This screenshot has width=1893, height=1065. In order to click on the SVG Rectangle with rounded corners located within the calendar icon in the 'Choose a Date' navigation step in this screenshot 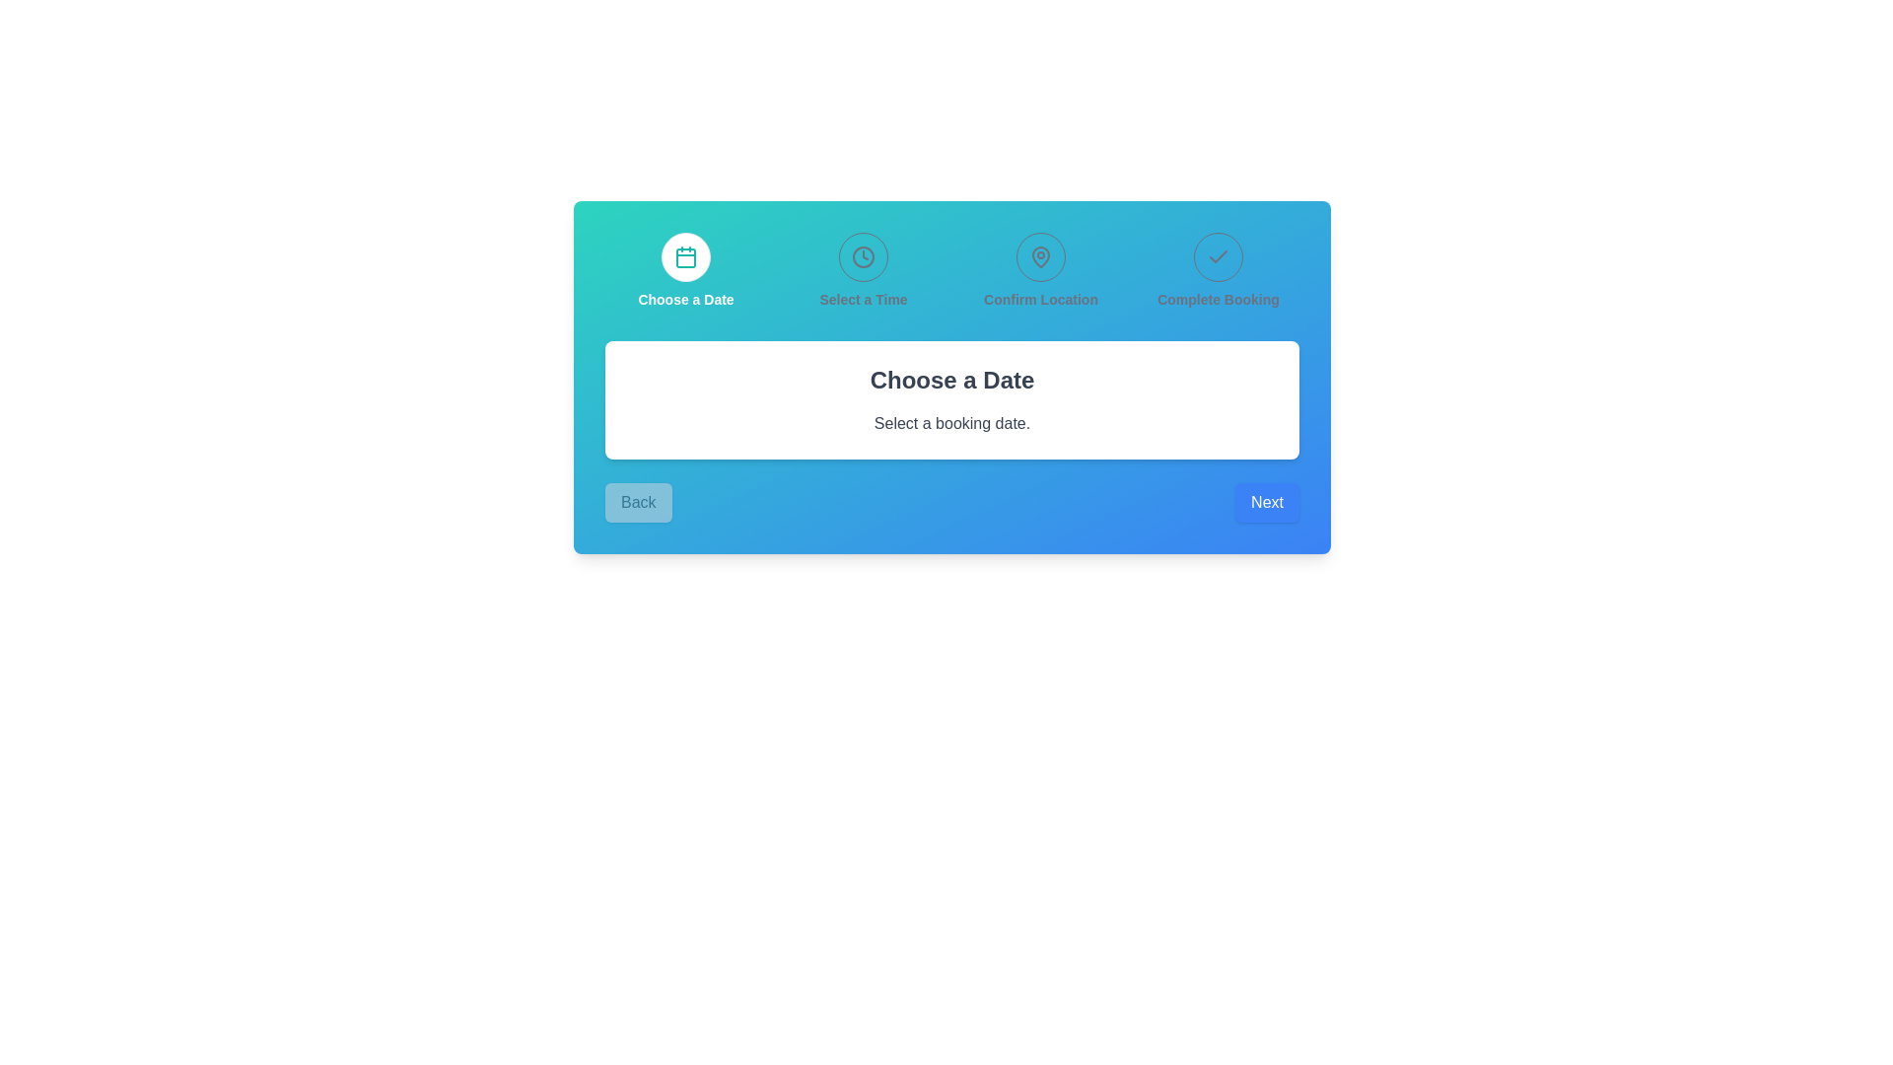, I will do `click(686, 257)`.